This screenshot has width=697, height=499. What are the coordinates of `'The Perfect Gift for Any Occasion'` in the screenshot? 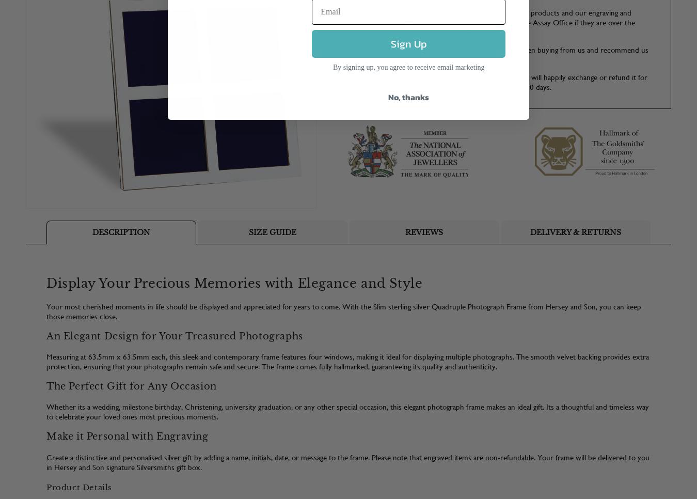 It's located at (46, 386).